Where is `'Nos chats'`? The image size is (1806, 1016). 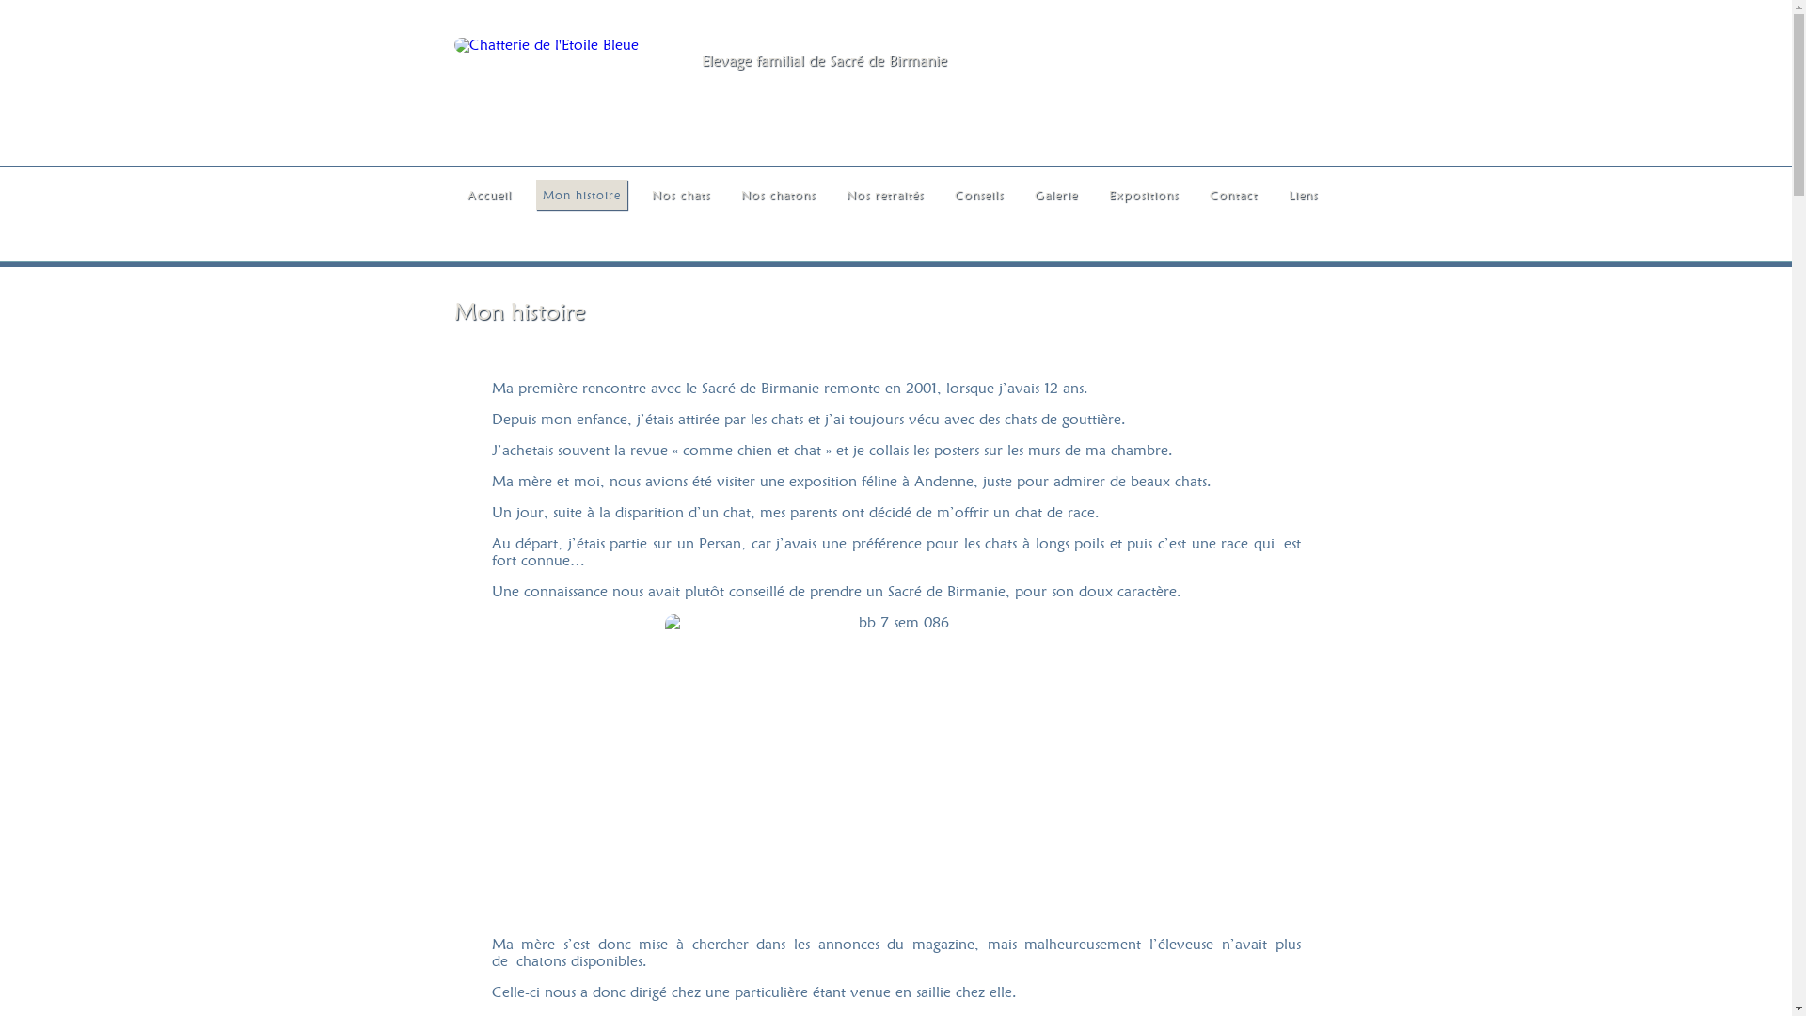
'Nos chats' is located at coordinates (680, 195).